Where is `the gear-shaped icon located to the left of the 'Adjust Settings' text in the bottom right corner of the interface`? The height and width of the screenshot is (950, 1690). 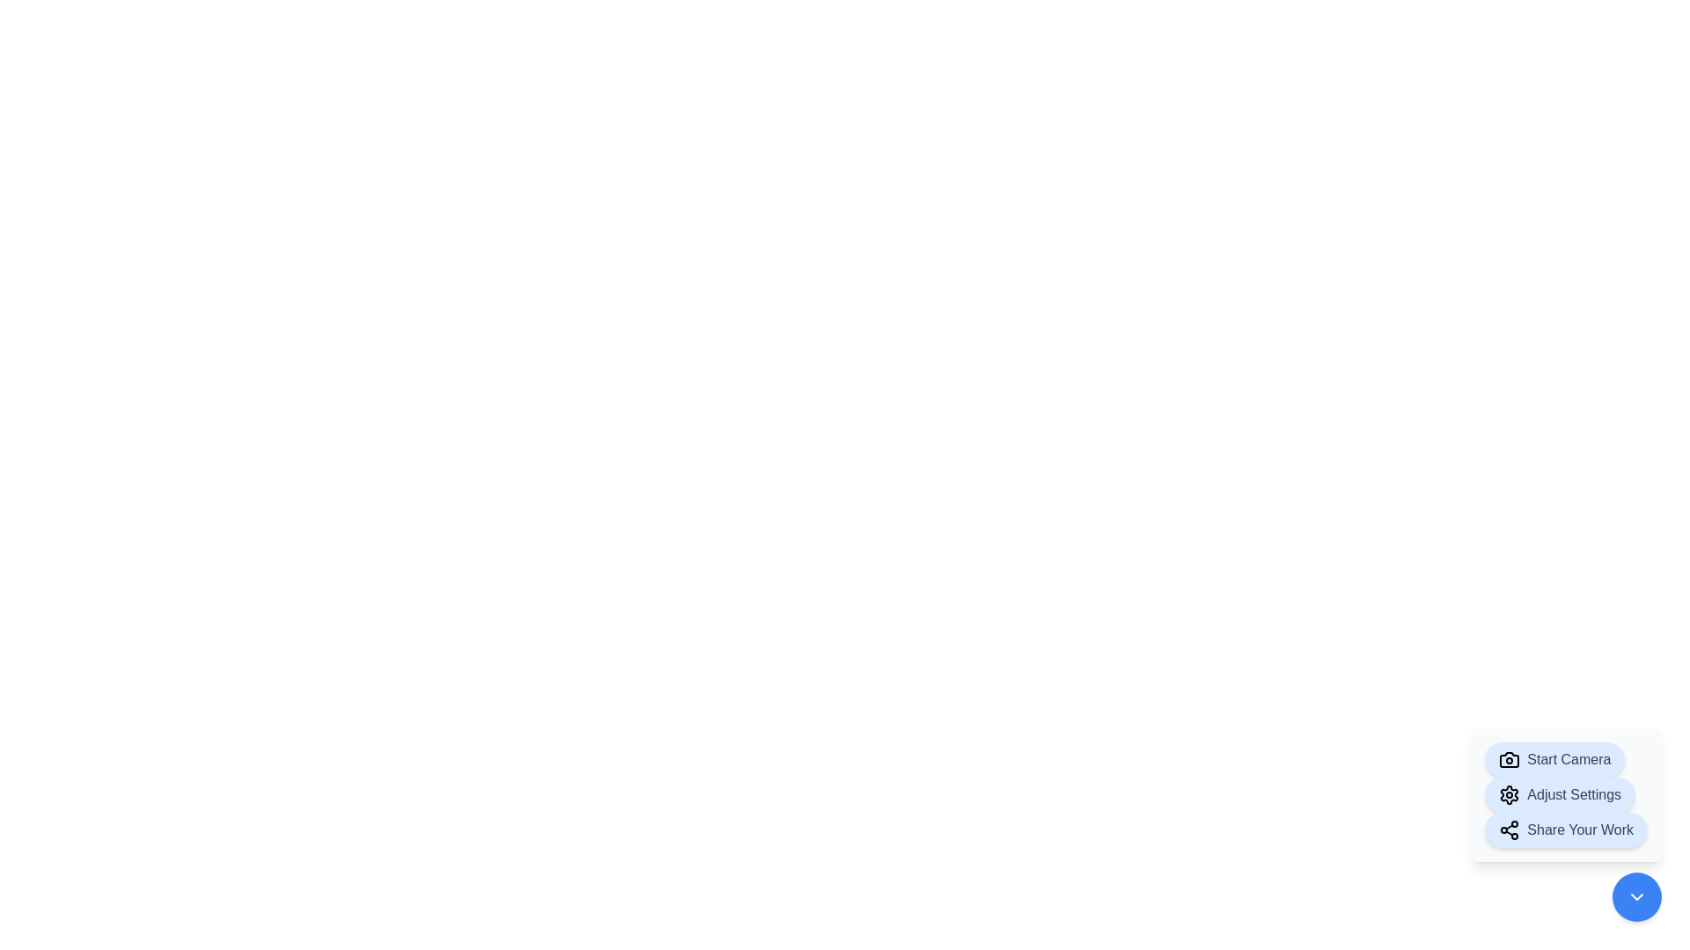
the gear-shaped icon located to the left of the 'Adjust Settings' text in the bottom right corner of the interface is located at coordinates (1509, 794).